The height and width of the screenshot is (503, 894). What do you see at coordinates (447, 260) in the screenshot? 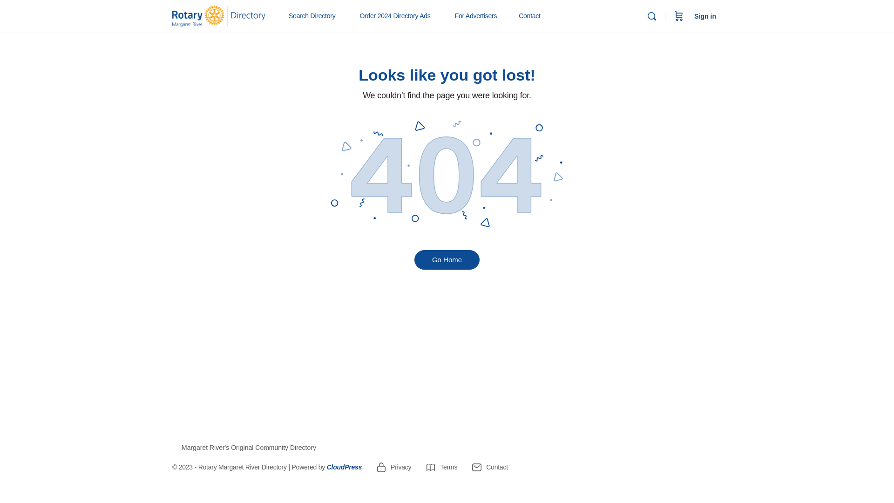
I see `'Go Home'` at bounding box center [447, 260].